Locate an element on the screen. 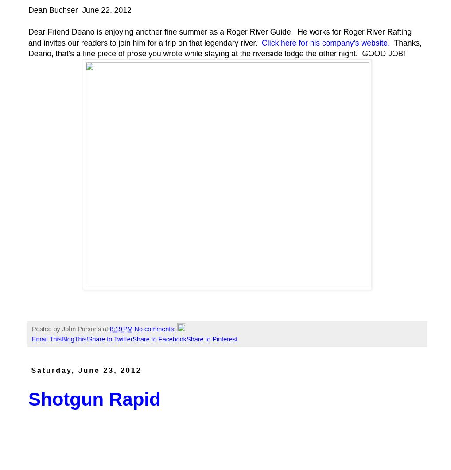 This screenshot has height=470, width=451. 'No comments:' is located at coordinates (155, 328).